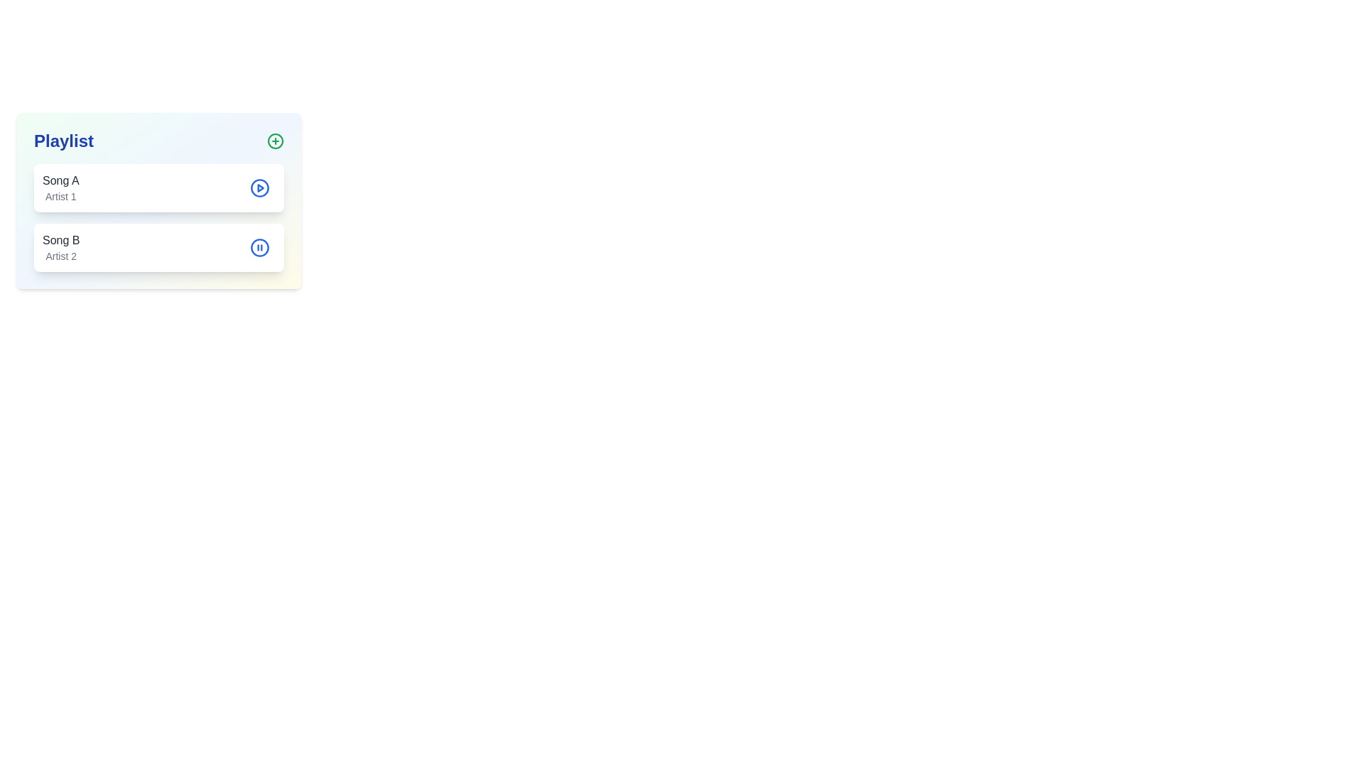 Image resolution: width=1364 pixels, height=767 pixels. What do you see at coordinates (259, 246) in the screenshot?
I see `the presence of the outer circle of the pause icon in the playlist UI, located to the right of the second song` at bounding box center [259, 246].